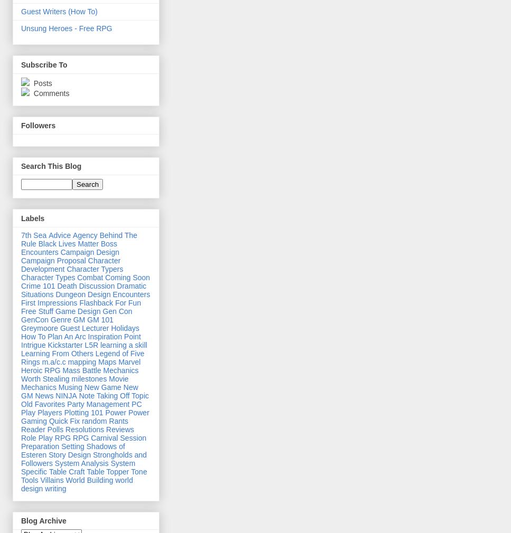 The image size is (511, 533). What do you see at coordinates (118, 420) in the screenshot?
I see `'Rants'` at bounding box center [118, 420].